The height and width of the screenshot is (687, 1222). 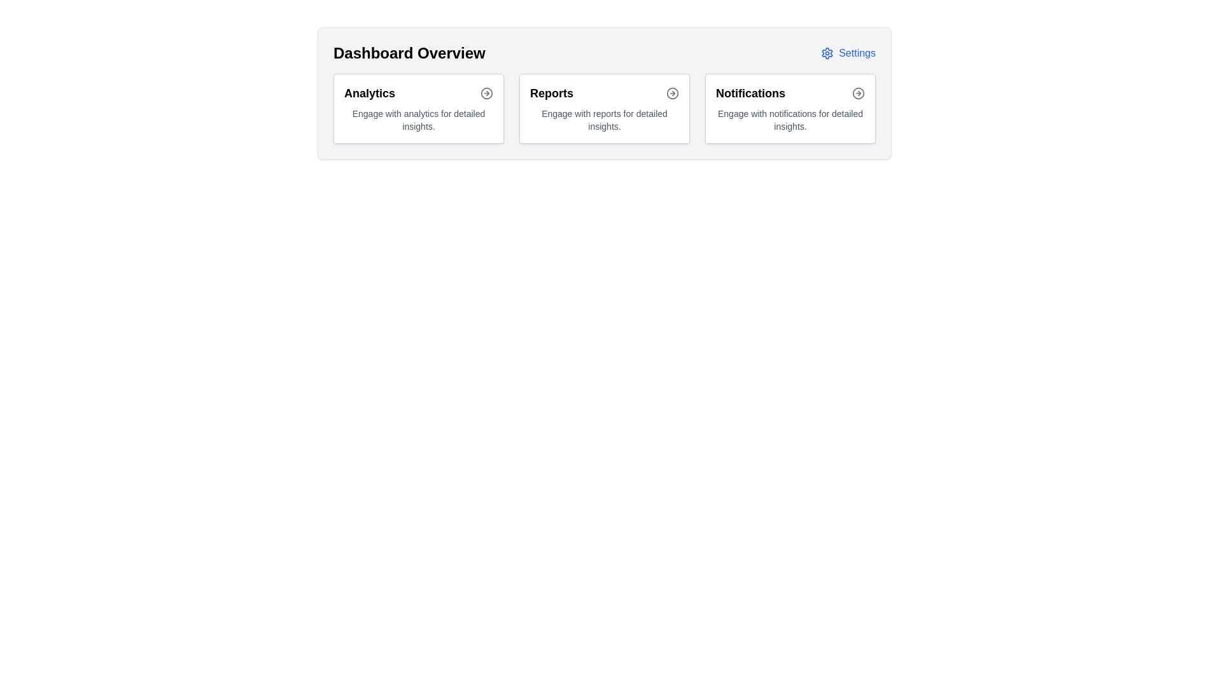 What do you see at coordinates (858, 92) in the screenshot?
I see `the small circular arrow icon next to the 'Notifications' header` at bounding box center [858, 92].